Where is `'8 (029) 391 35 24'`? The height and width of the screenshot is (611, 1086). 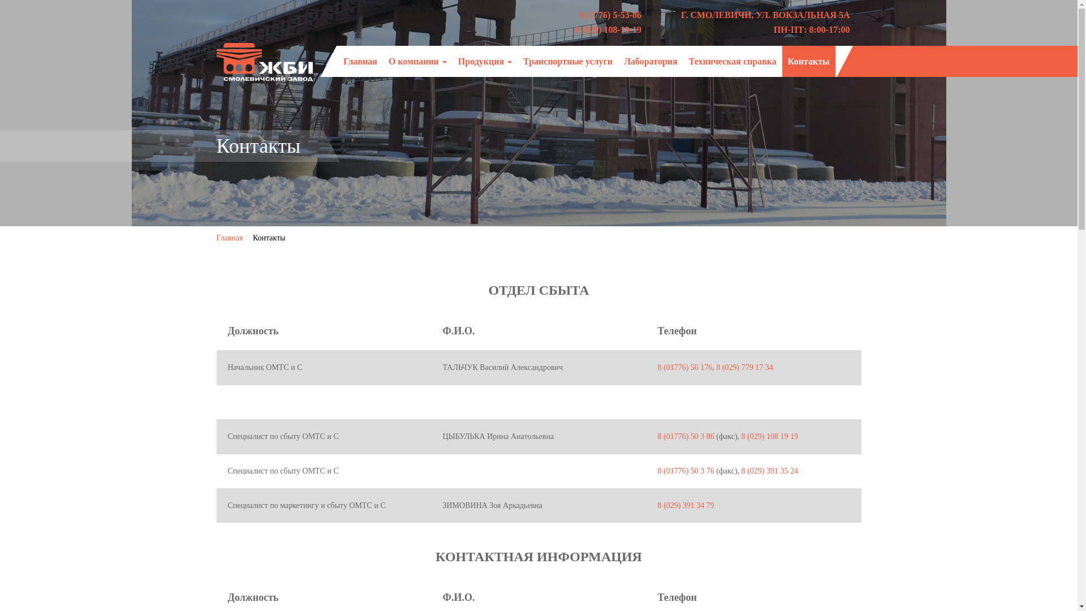
'8 (029) 391 35 24' is located at coordinates (769, 471).